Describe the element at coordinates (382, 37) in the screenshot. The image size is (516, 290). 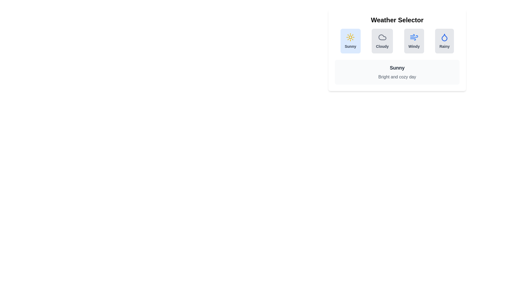
I see `the cloud-shaped icon located at the top of the 'Cloudy' weather option` at that location.